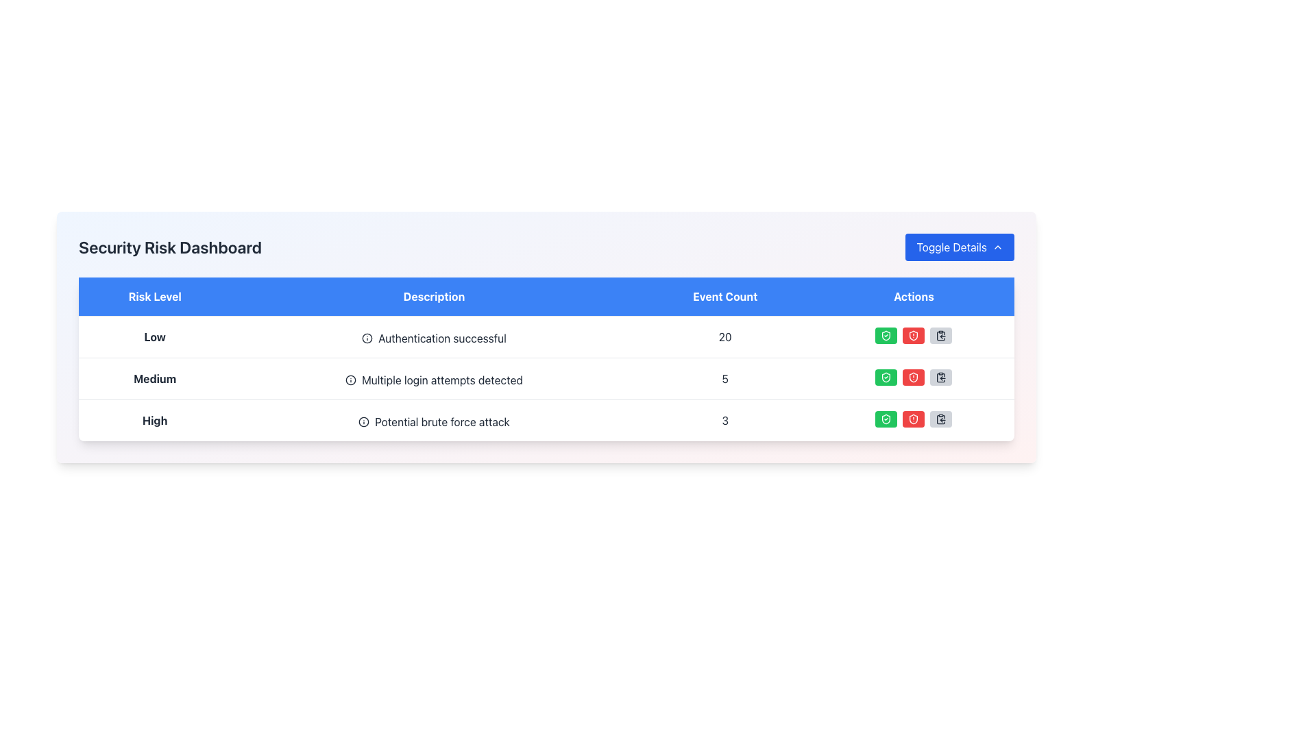 Image resolution: width=1316 pixels, height=740 pixels. What do you see at coordinates (914, 378) in the screenshot?
I see `the distinctive red shield-shaped icon with a warning symbol located in the 'Actions' column of the last row in the table` at bounding box center [914, 378].